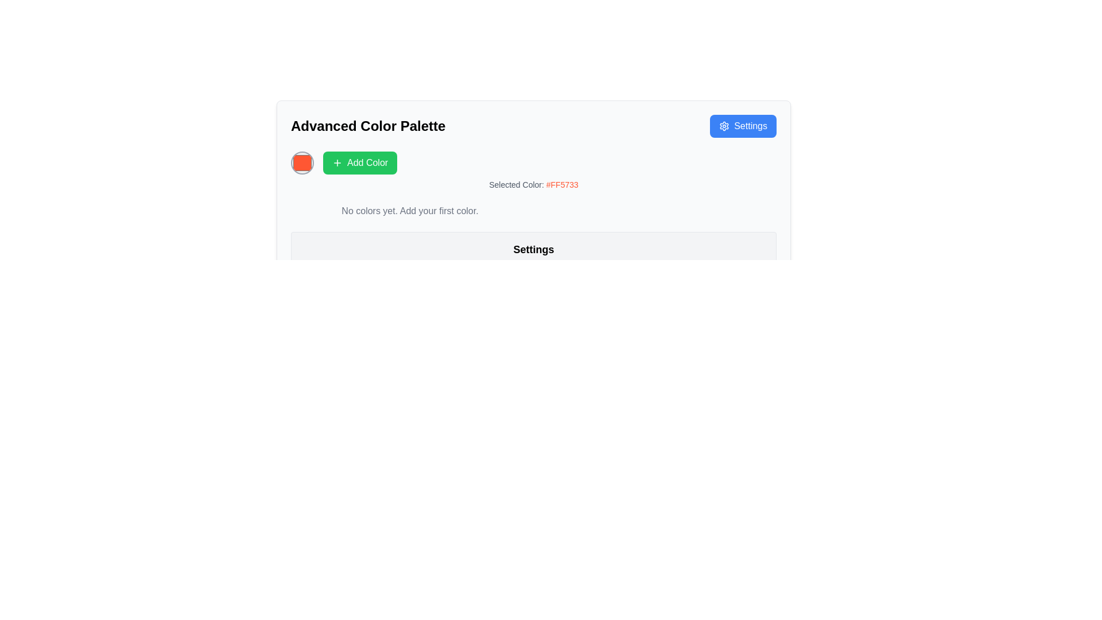 The width and height of the screenshot is (1102, 620). I want to click on the text displaying the color code '#FF5733', which is located at the end of the string 'Selected Color: #FF5733' and appears in a vibrant orange shade, so click(562, 184).